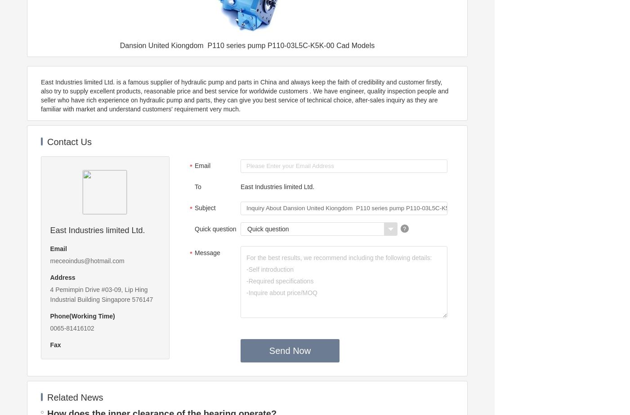  I want to click on 'Send Now', so click(289, 350).